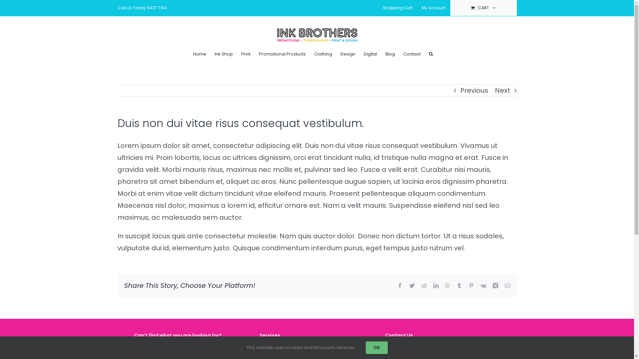  What do you see at coordinates (474, 90) in the screenshot?
I see `'Previous'` at bounding box center [474, 90].